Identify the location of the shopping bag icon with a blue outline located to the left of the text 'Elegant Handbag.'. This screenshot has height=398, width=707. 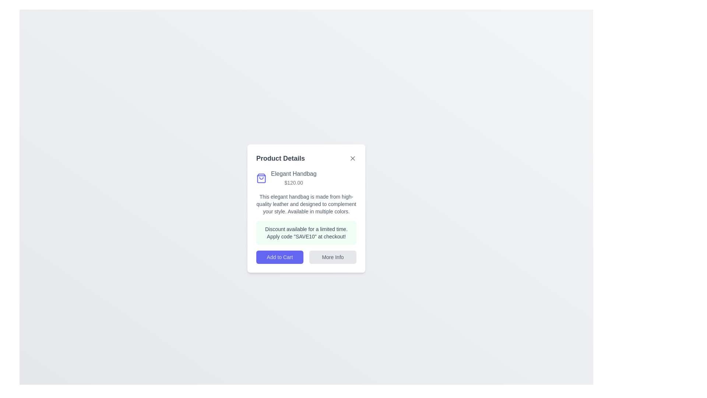
(261, 178).